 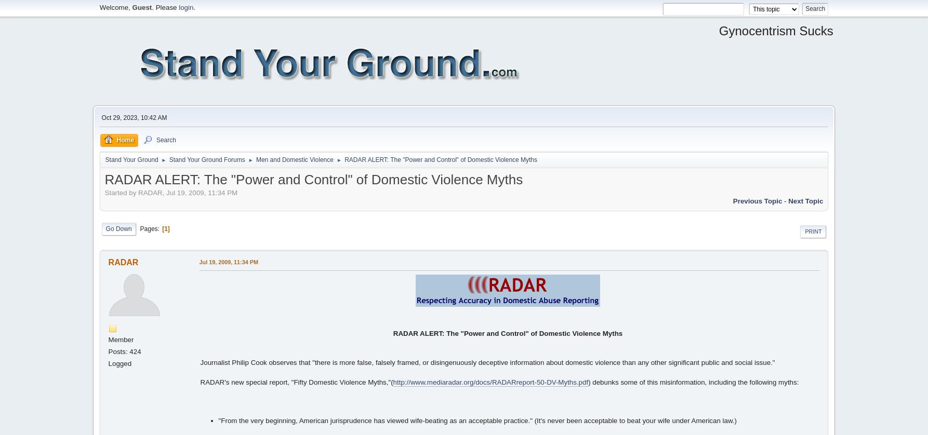 I want to click on '. Please', so click(x=165, y=7).